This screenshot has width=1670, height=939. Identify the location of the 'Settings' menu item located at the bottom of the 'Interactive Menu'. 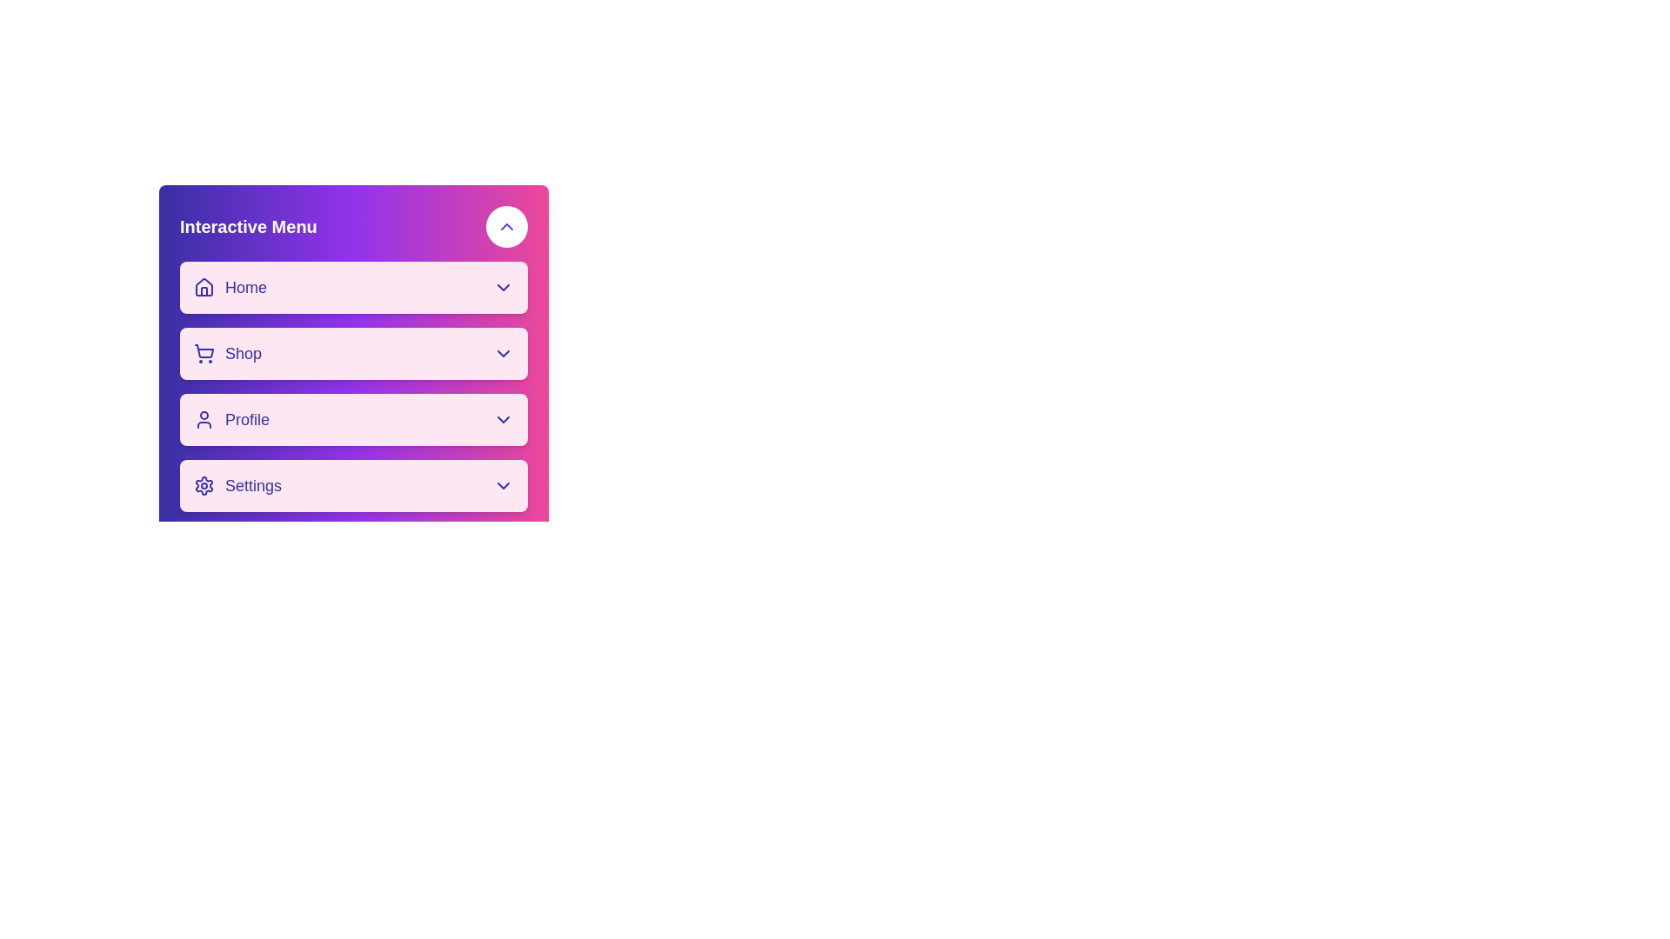
(353, 486).